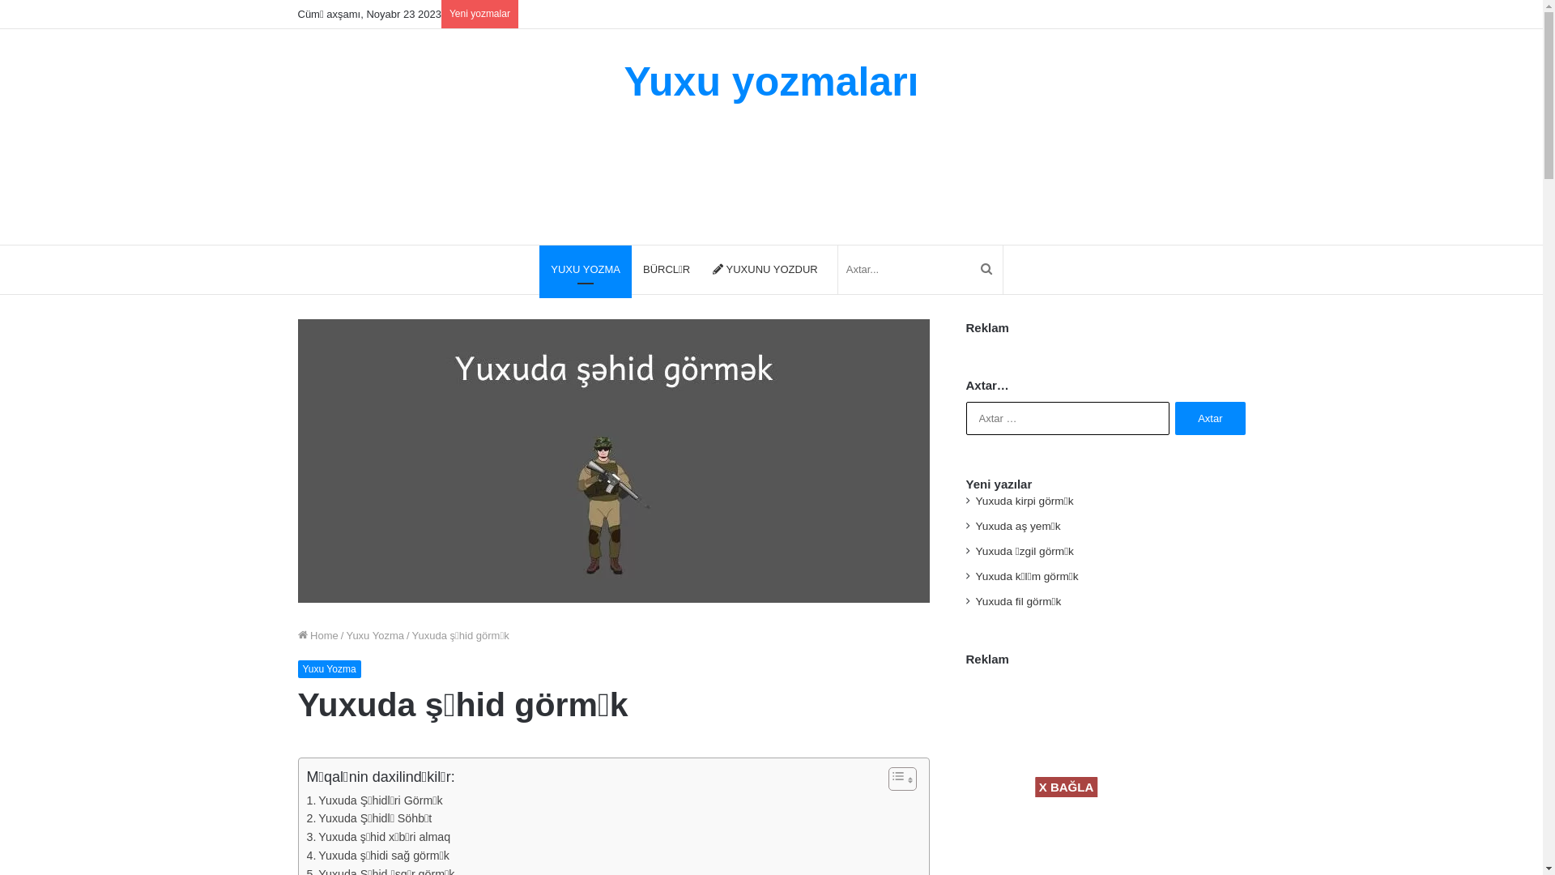  Describe the element at coordinates (318, 634) in the screenshot. I see `'Home'` at that location.